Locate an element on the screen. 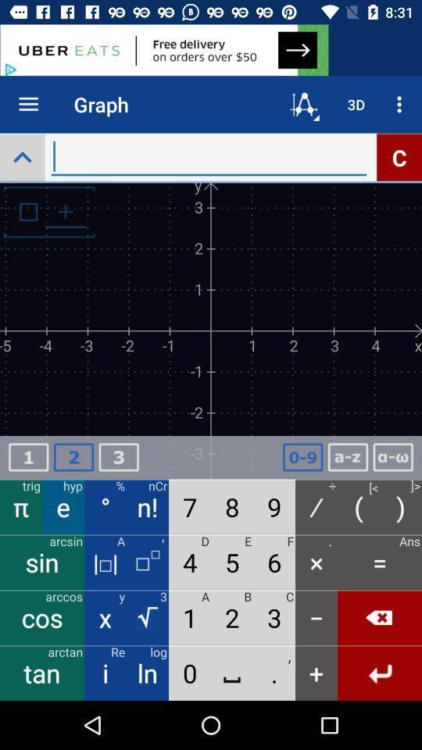  option 3 is located at coordinates (118, 457).